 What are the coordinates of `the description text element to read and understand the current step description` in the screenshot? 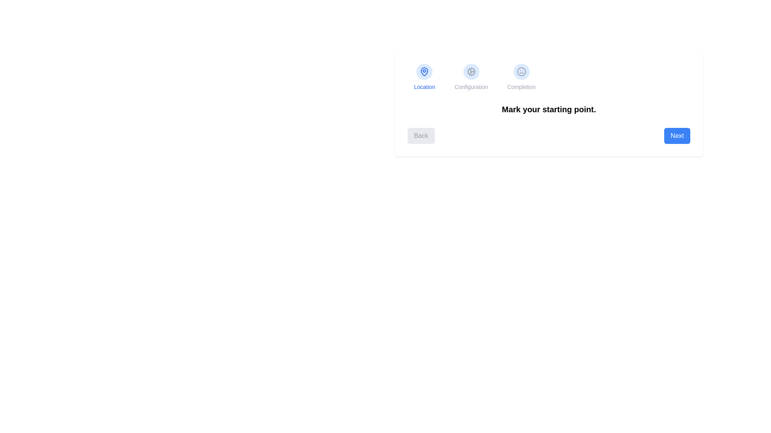 It's located at (549, 109).